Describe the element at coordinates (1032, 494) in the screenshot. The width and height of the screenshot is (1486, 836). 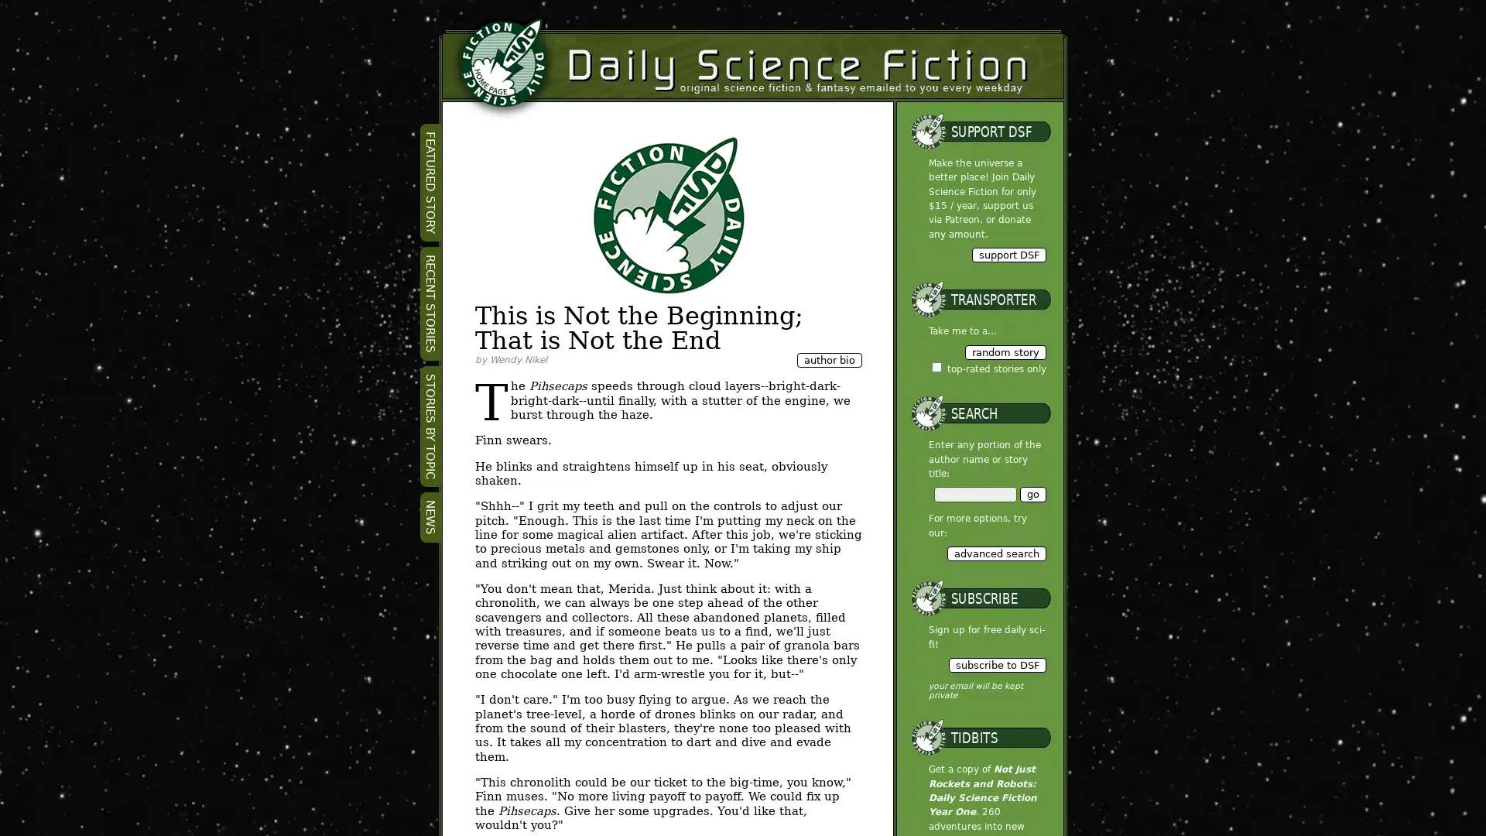
I see `go` at that location.